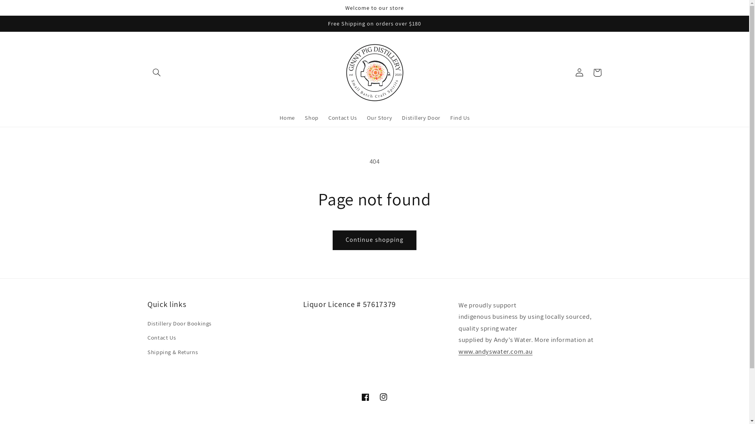 Image resolution: width=755 pixels, height=424 pixels. I want to click on 'Continue shopping', so click(374, 239).